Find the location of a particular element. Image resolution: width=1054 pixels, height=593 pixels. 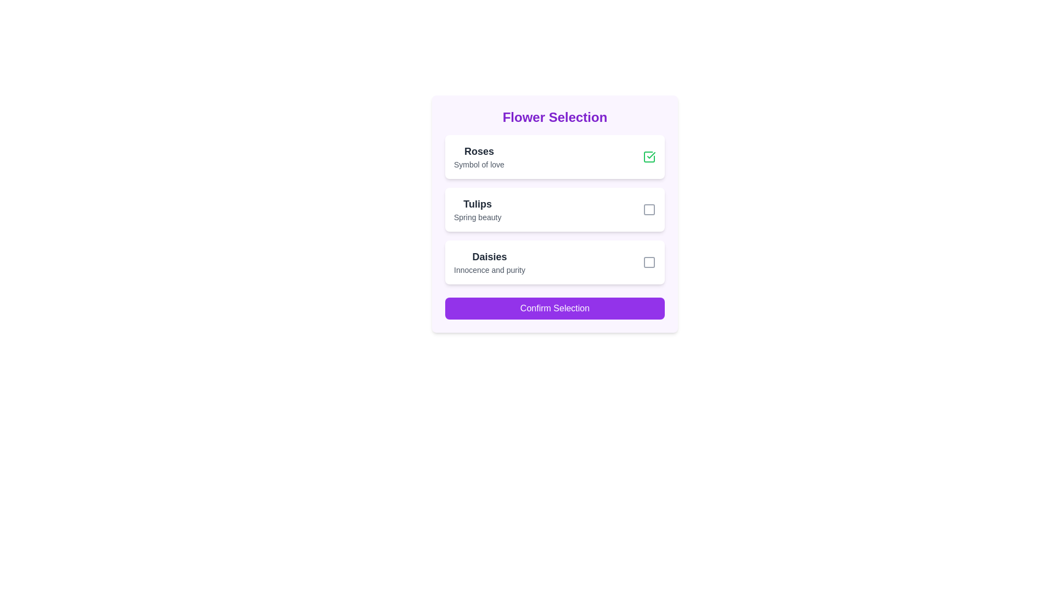

the checkbox indicator for 'Tulips' is located at coordinates (649, 209).